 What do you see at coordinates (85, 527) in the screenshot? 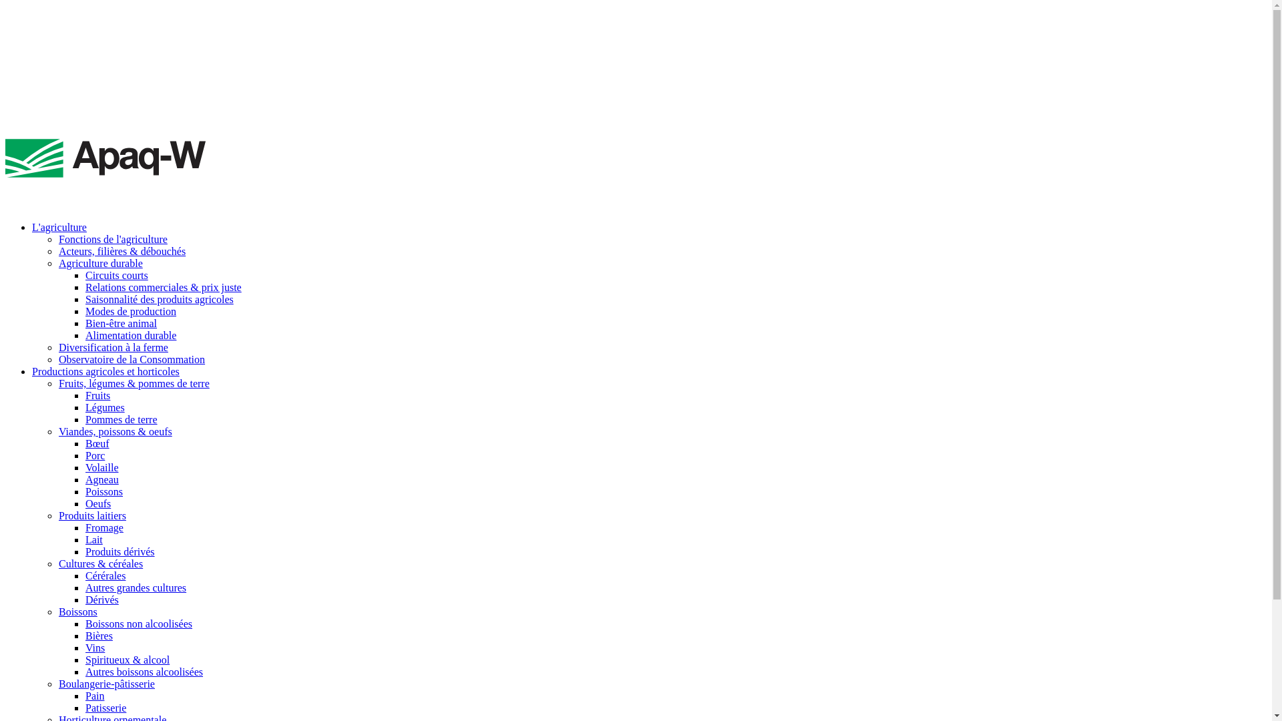
I see `'Fromage'` at bounding box center [85, 527].